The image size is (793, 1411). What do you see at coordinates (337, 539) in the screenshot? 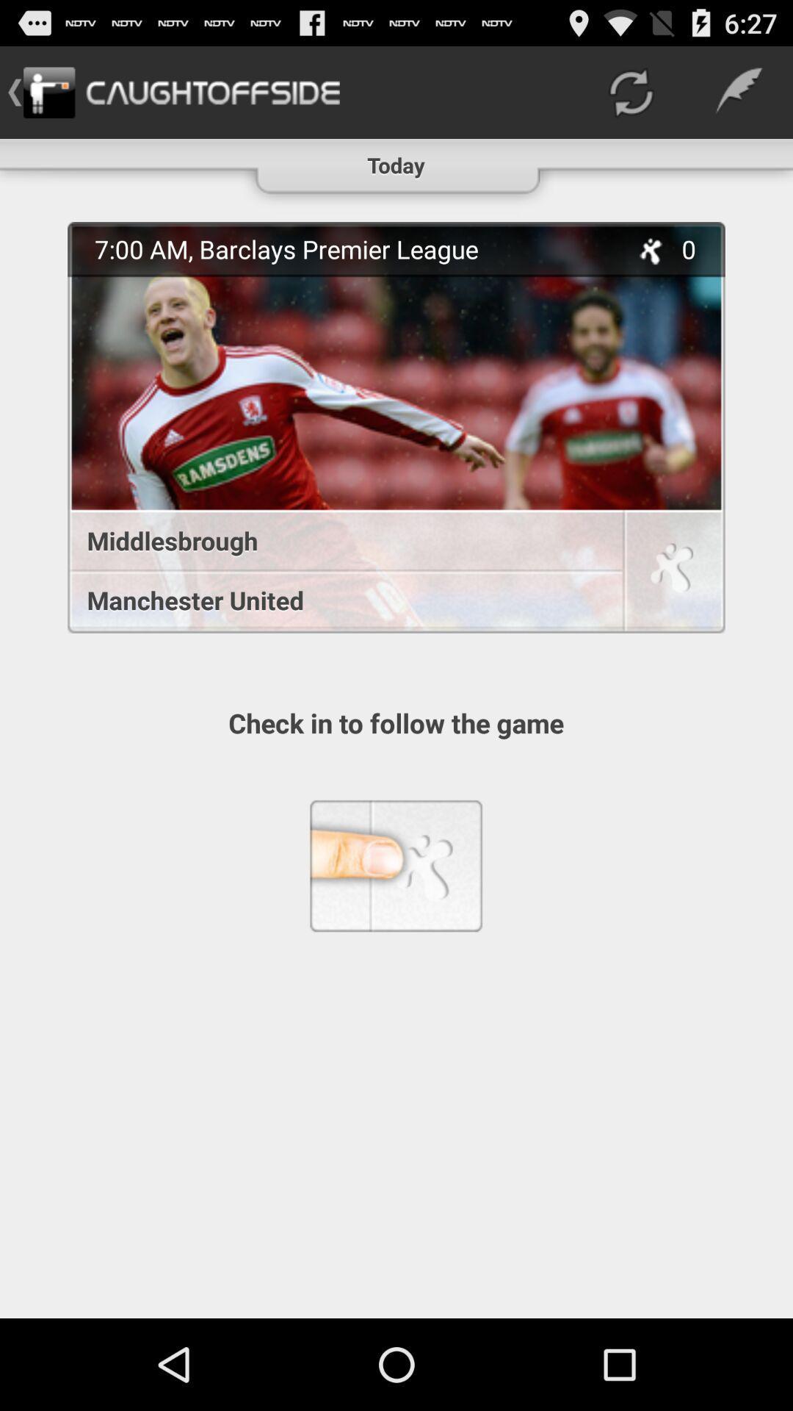
I see `icon below 7 00 am icon` at bounding box center [337, 539].